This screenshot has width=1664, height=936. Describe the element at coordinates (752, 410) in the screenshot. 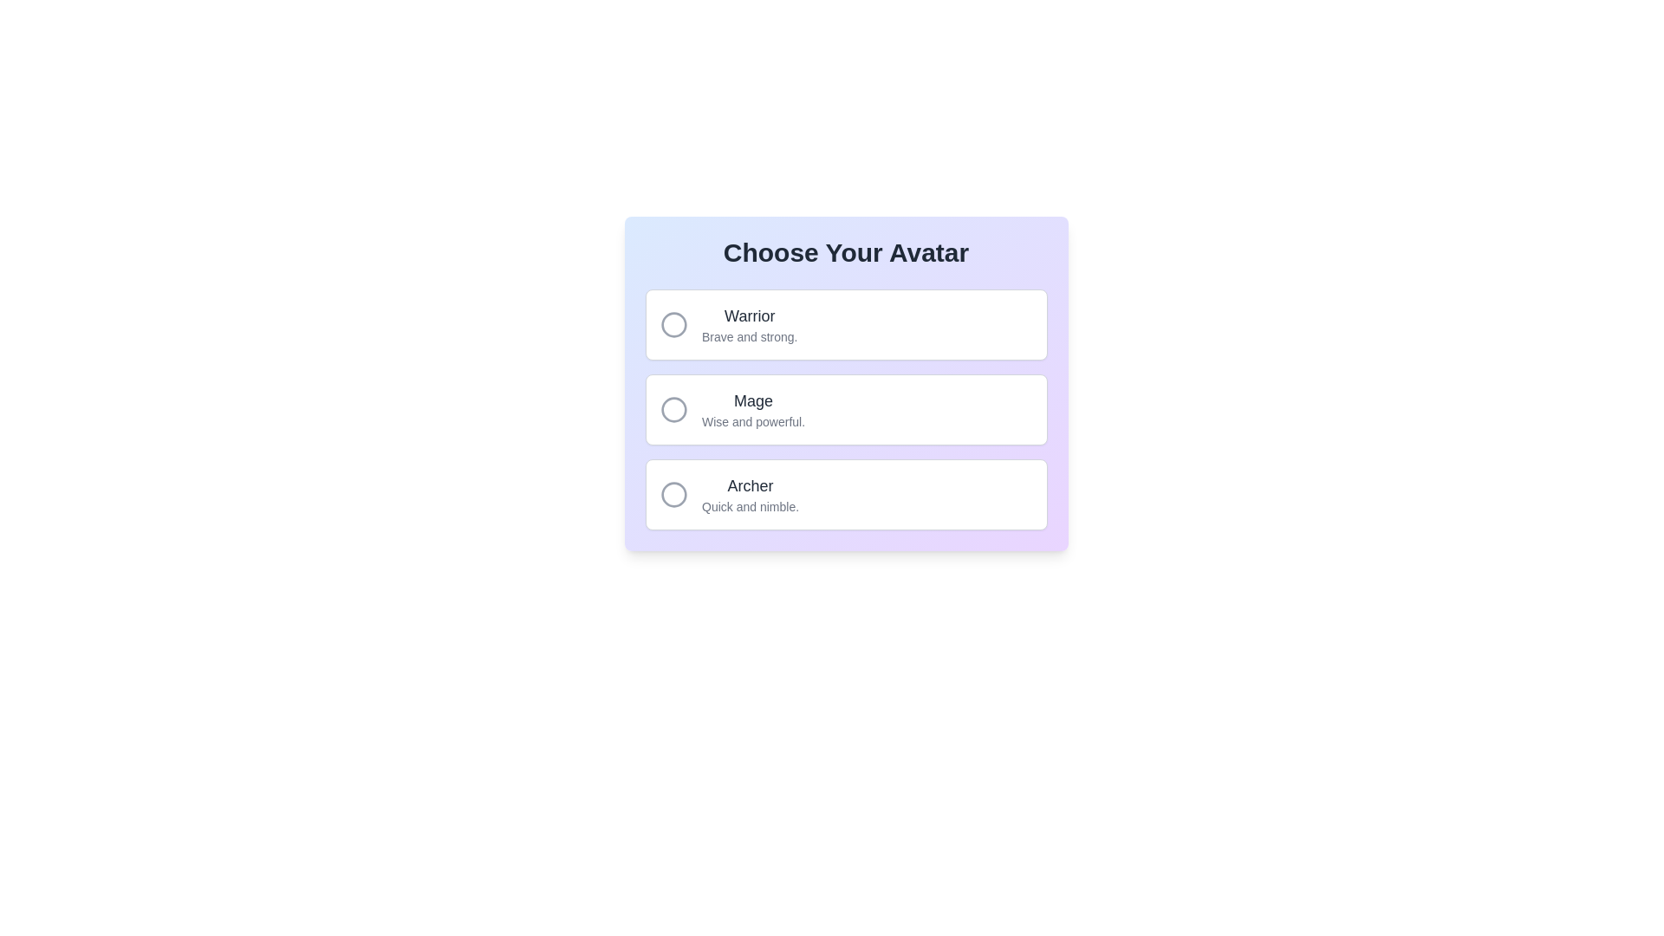

I see `text label for the 'Mage' option, which is located in the middle of a vertical list of three options, between 'Warrior' and 'Archer'` at that location.